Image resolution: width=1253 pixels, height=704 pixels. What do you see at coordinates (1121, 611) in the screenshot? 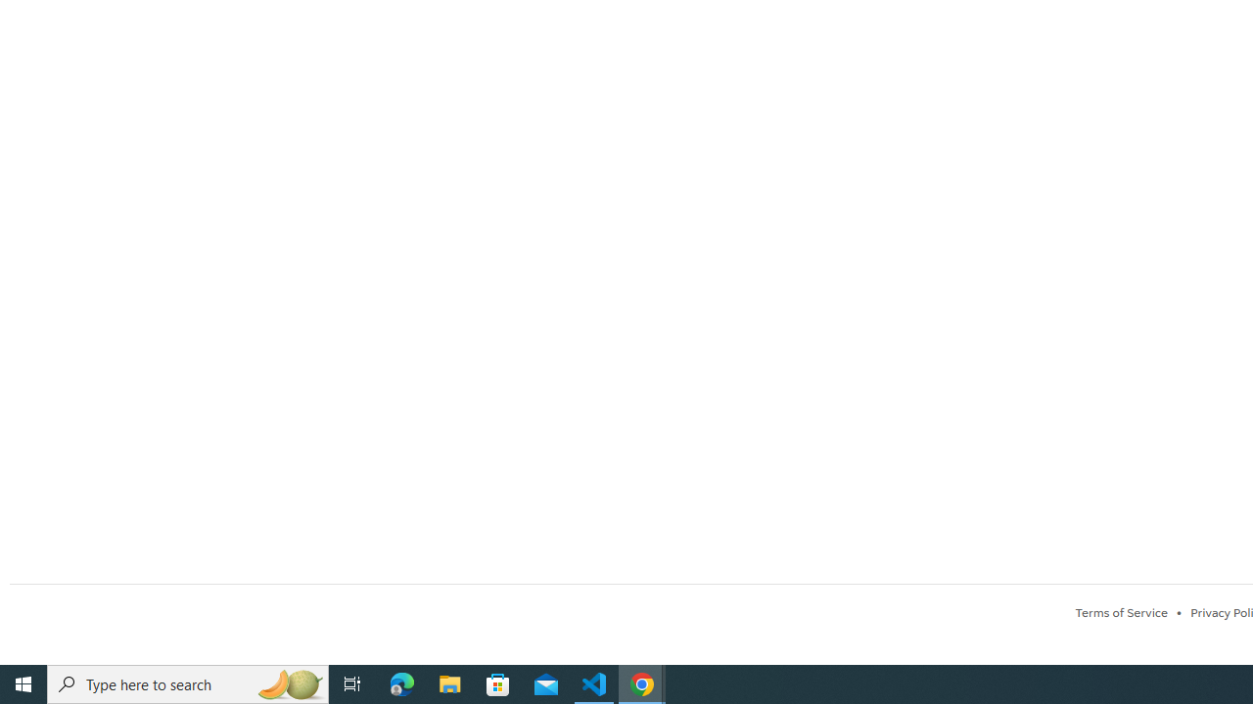
I see `'Terms of Service'` at bounding box center [1121, 611].